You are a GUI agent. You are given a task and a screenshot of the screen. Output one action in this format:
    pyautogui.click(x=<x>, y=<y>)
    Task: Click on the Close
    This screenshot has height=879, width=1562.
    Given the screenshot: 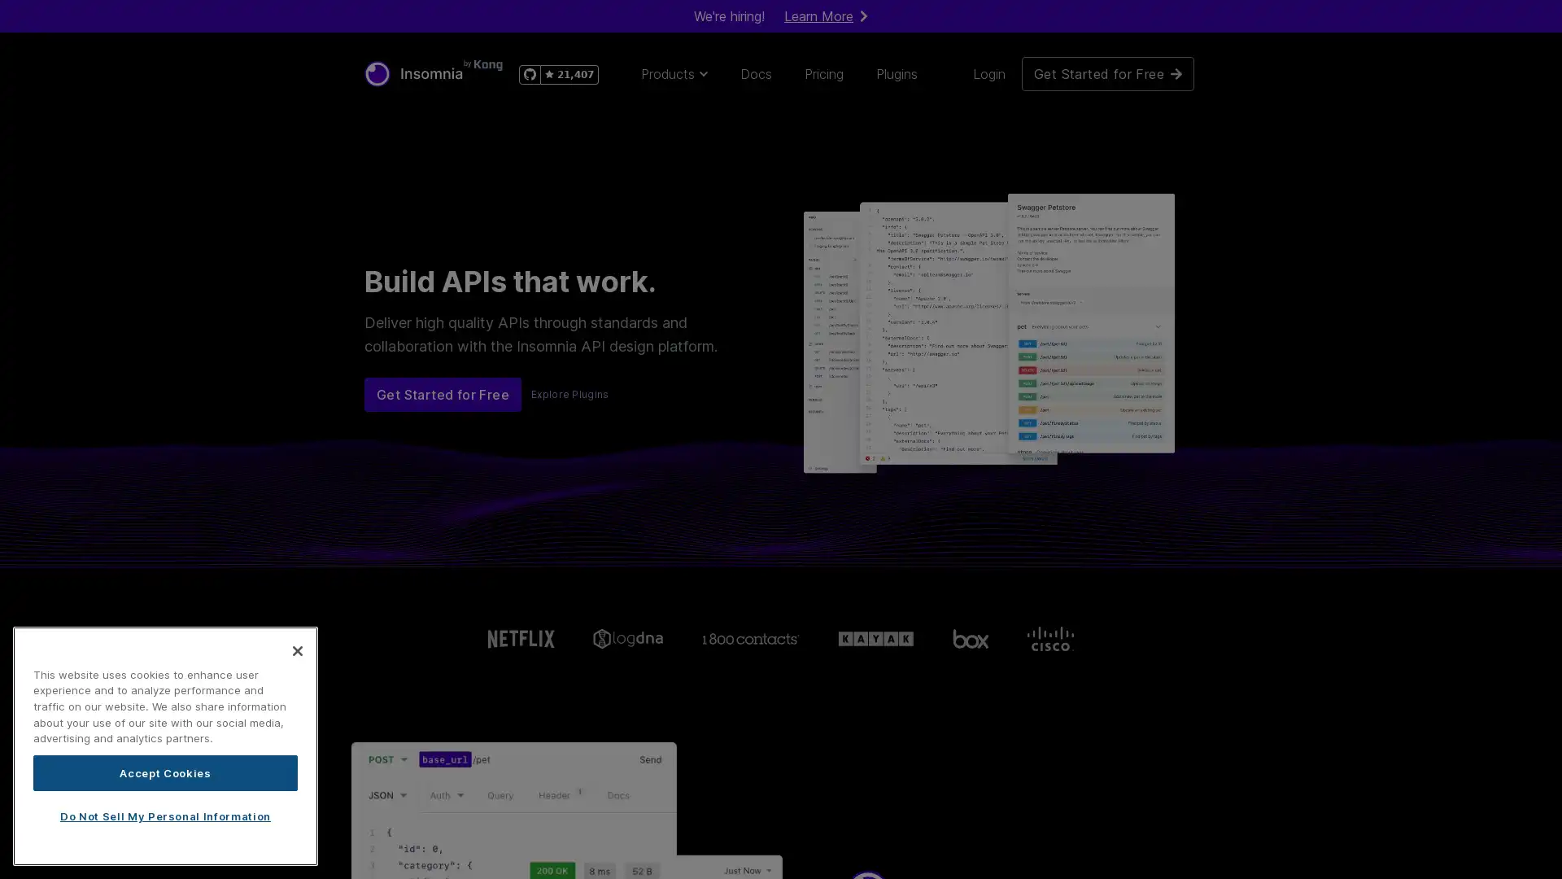 What is the action you would take?
    pyautogui.click(x=297, y=649)
    